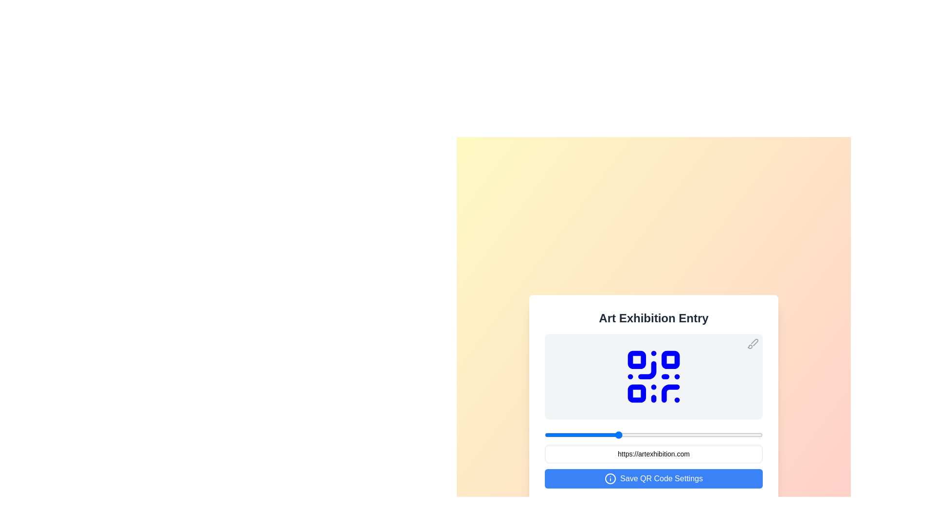 This screenshot has height=525, width=934. What do you see at coordinates (654, 376) in the screenshot?
I see `the static visual display containing a blue QR code icon and a blue pen icon, which is located underneath the header 'Art Exhibition Entry'` at bounding box center [654, 376].